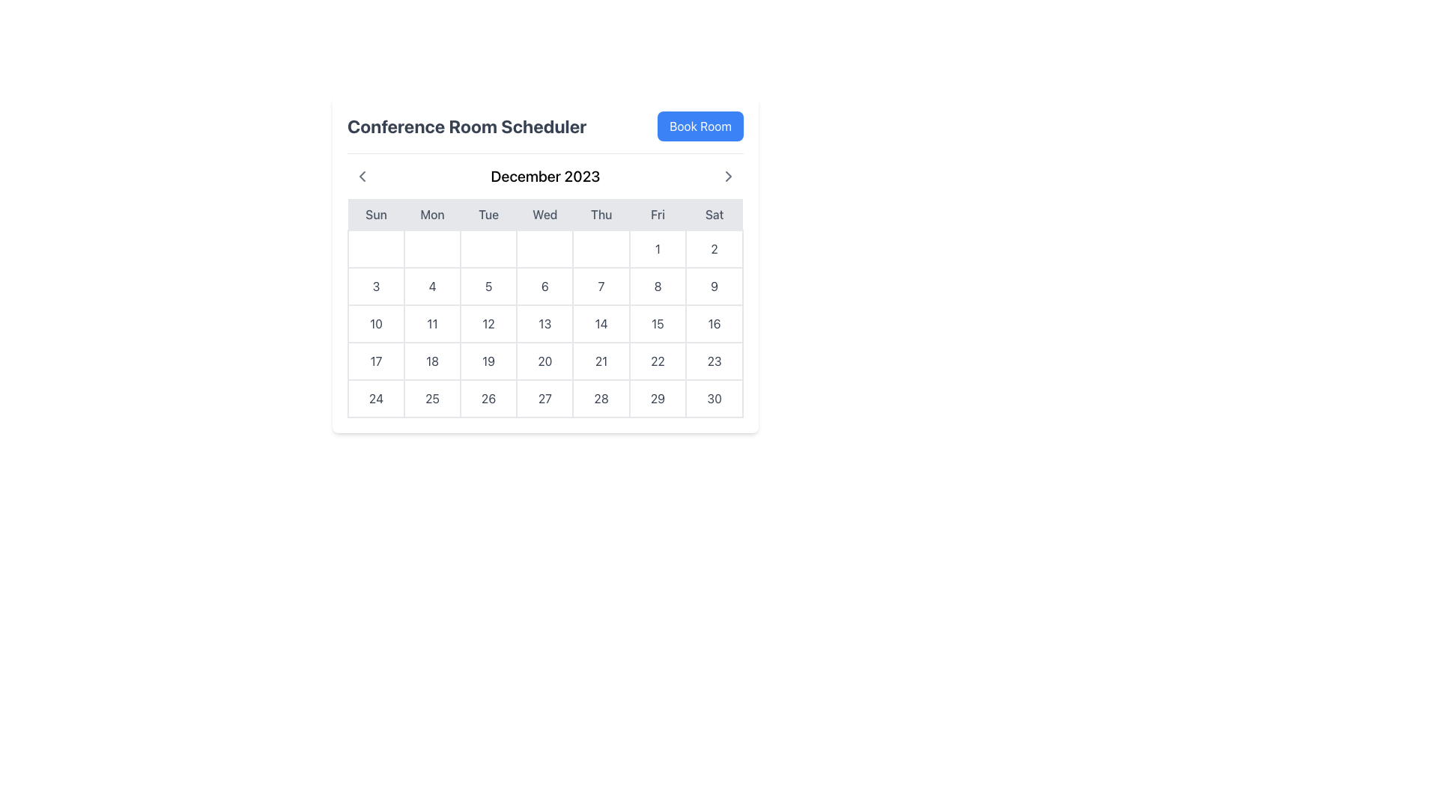 The width and height of the screenshot is (1438, 808). What do you see at coordinates (714, 248) in the screenshot?
I see `the rounded rectangular button displaying the number '2' in the bottom-right corner of the calendar` at bounding box center [714, 248].